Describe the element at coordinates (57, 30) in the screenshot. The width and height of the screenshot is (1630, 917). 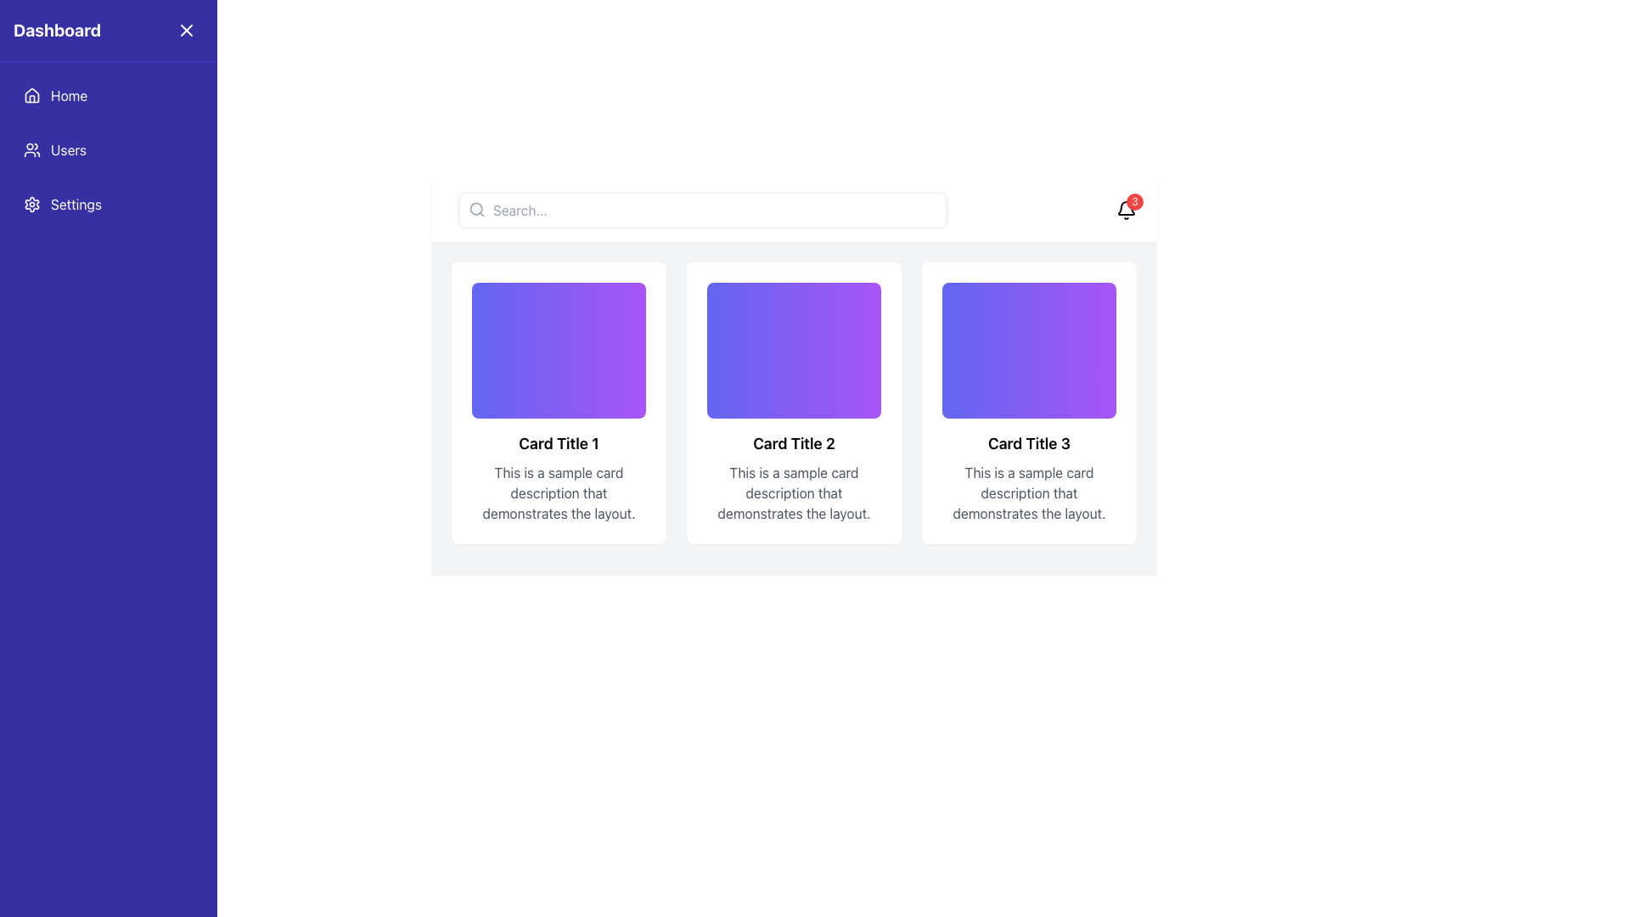
I see `the bold 'Dashboard' text label located in the top-left corner of the dark purple navigation bar` at that location.